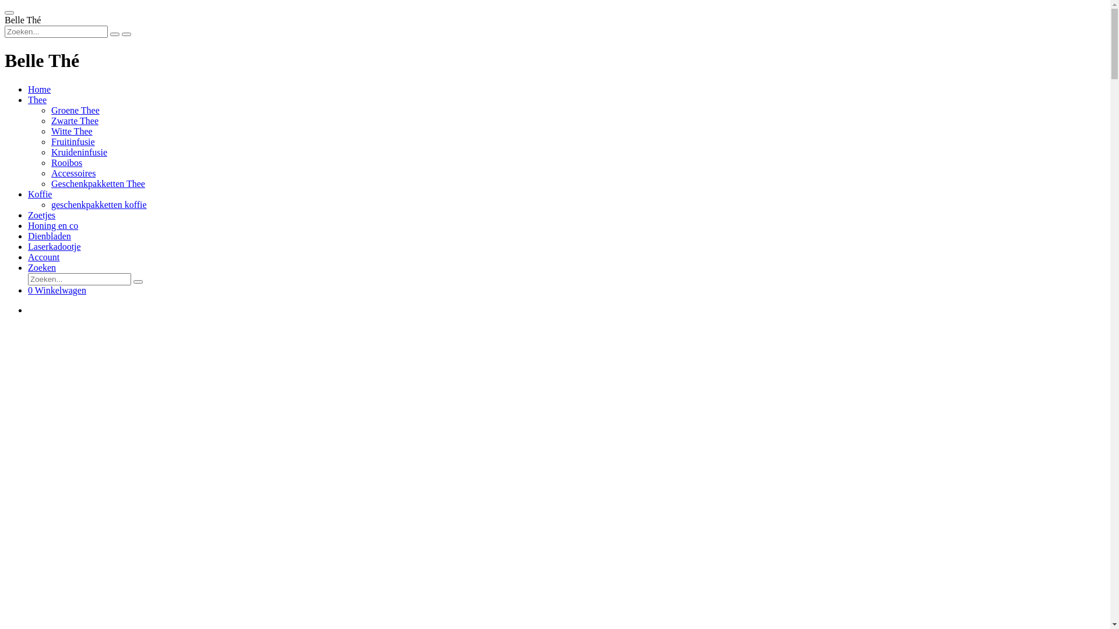 The width and height of the screenshot is (1119, 629). I want to click on 'Rooibos', so click(50, 162).